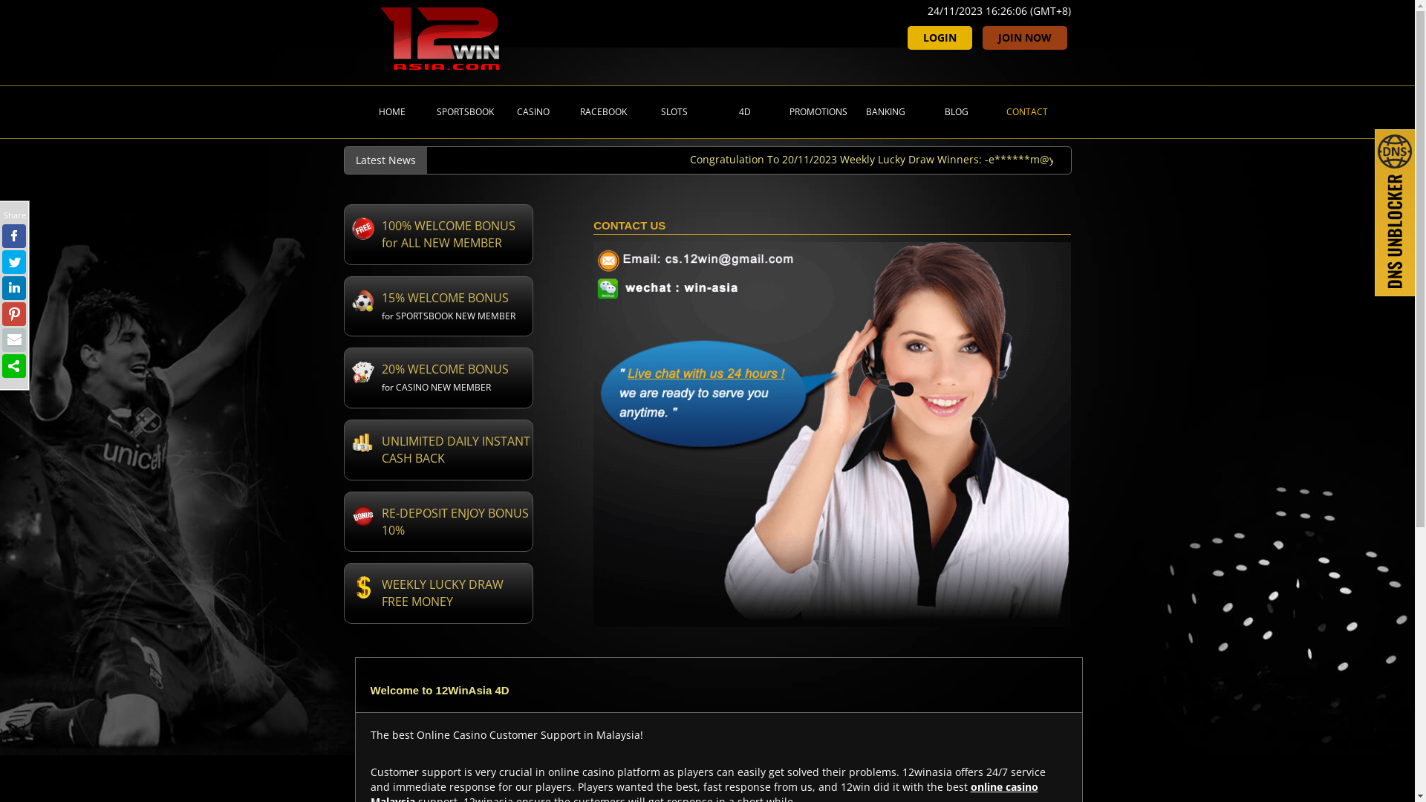 The height and width of the screenshot is (802, 1426). Describe the element at coordinates (390, 111) in the screenshot. I see `'HOME'` at that location.